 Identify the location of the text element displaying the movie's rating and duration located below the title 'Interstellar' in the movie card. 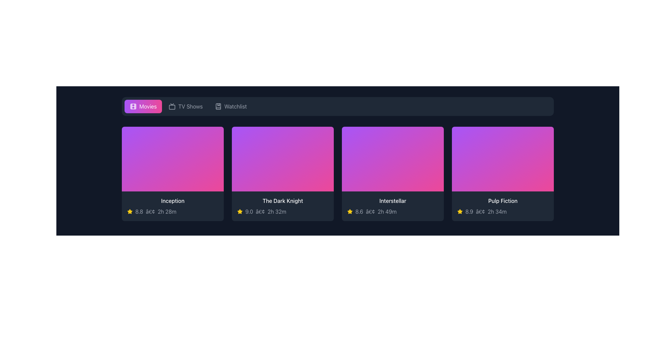
(393, 211).